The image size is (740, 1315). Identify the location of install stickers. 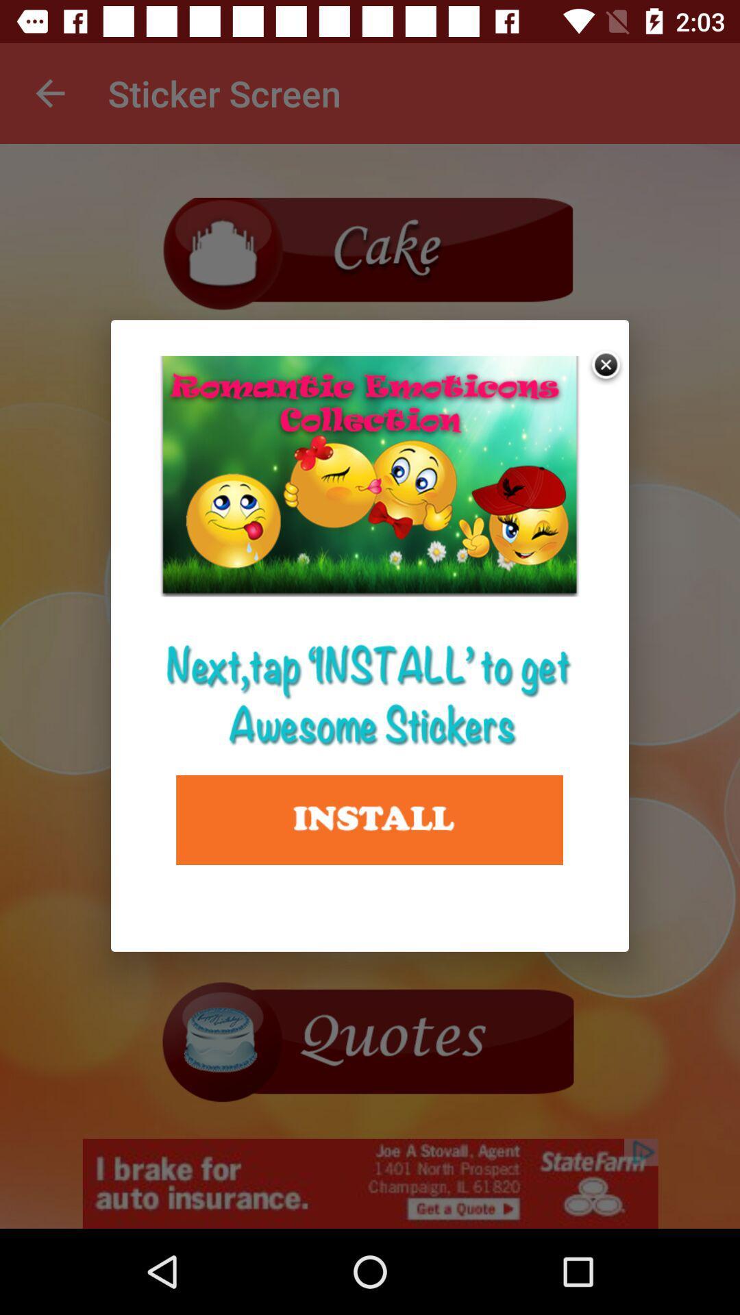
(369, 820).